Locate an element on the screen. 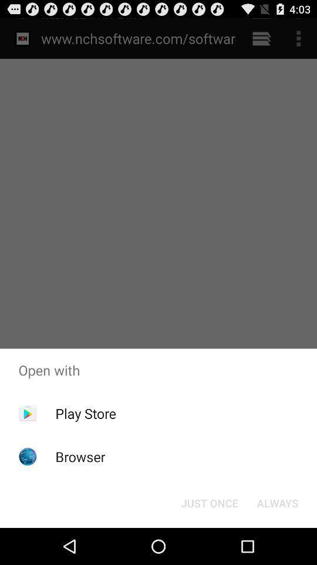 The height and width of the screenshot is (565, 317). play store icon is located at coordinates (85, 413).